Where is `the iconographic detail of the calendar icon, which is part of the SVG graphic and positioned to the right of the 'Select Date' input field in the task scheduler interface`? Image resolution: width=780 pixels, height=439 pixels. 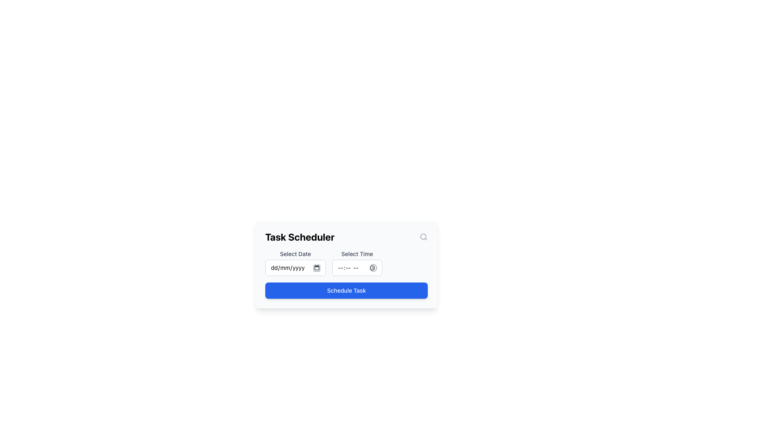 the iconographic detail of the calendar icon, which is part of the SVG graphic and positioned to the right of the 'Select Date' input field in the task scheduler interface is located at coordinates (316, 268).